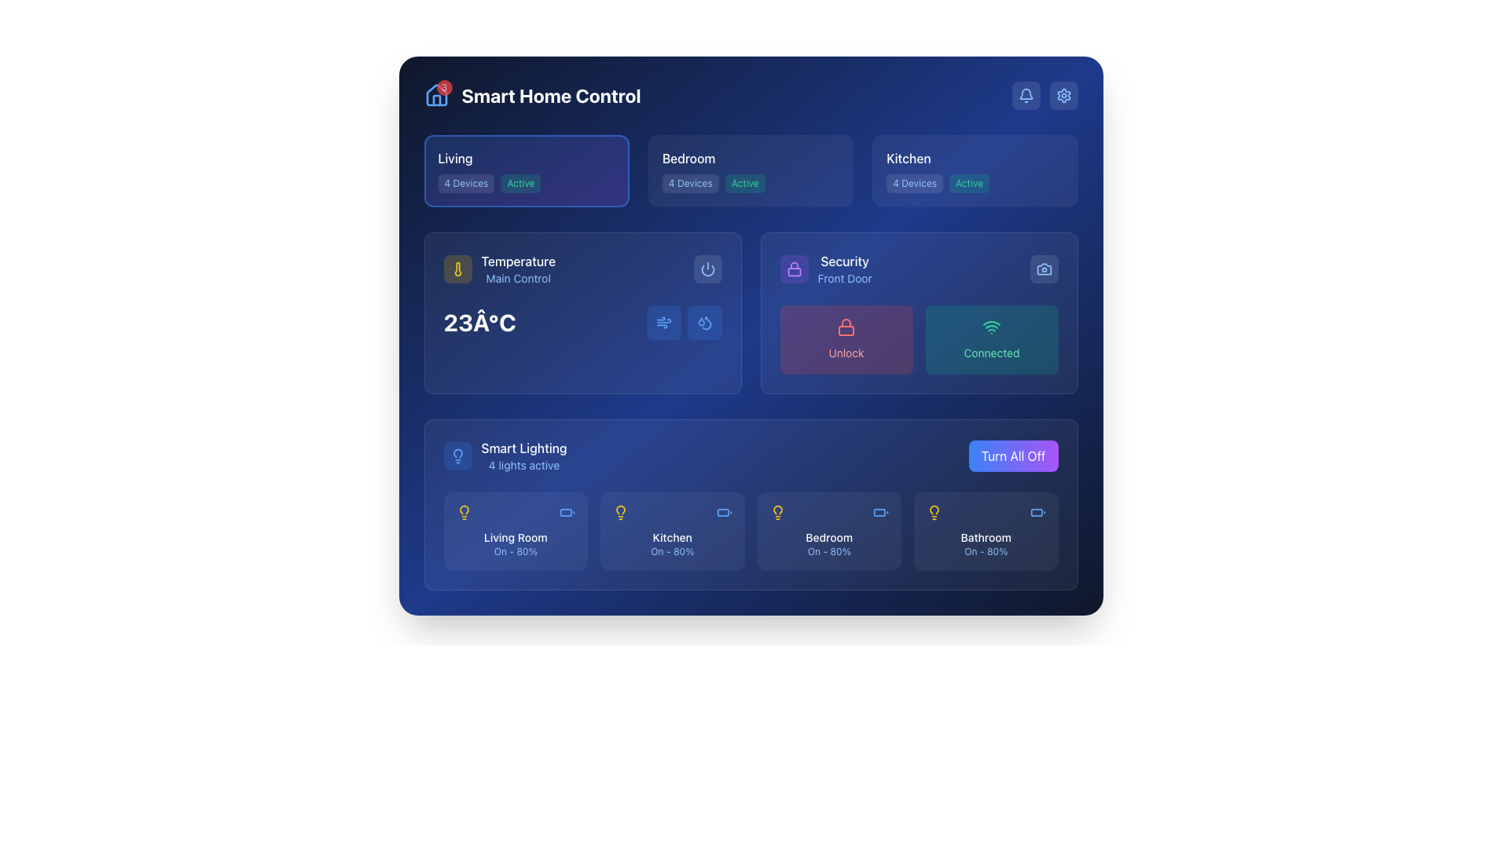 This screenshot has width=1509, height=848. What do you see at coordinates (516, 531) in the screenshot?
I see `the first Clickable card component representing the status of the lighting in the living room` at bounding box center [516, 531].